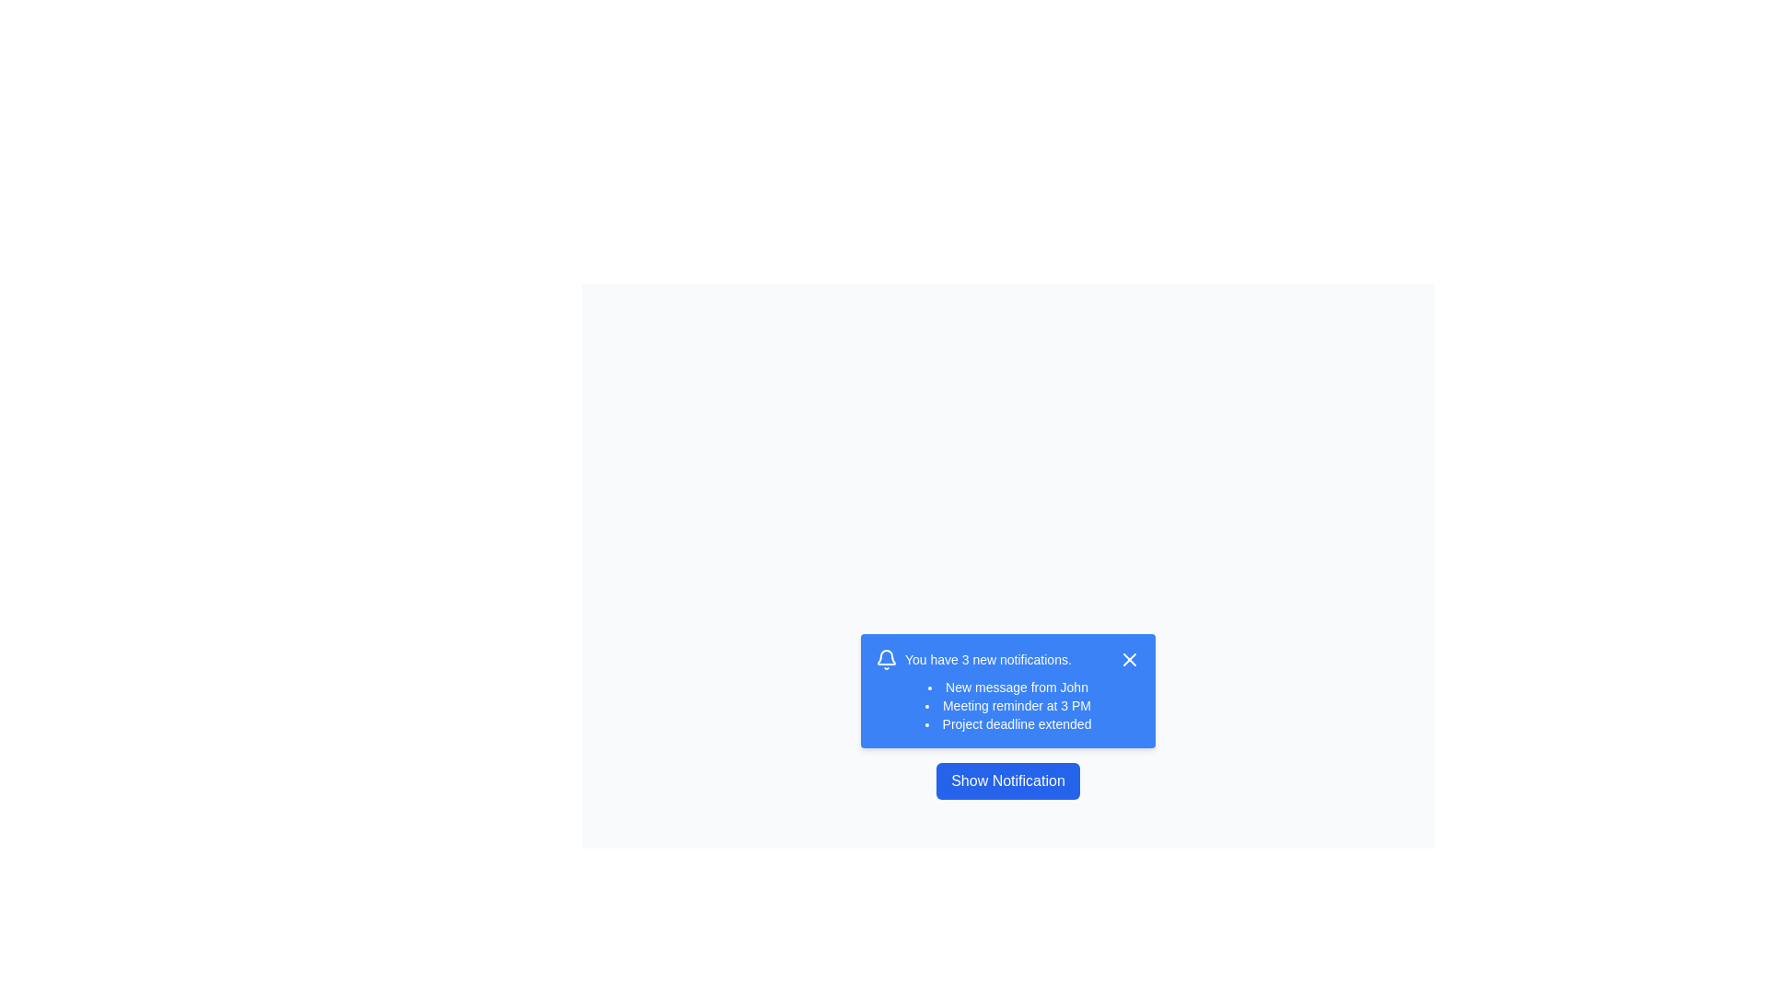  What do you see at coordinates (1006, 722) in the screenshot?
I see `the third notification item in the notification popup box that informs about an update regarding a project deadline` at bounding box center [1006, 722].